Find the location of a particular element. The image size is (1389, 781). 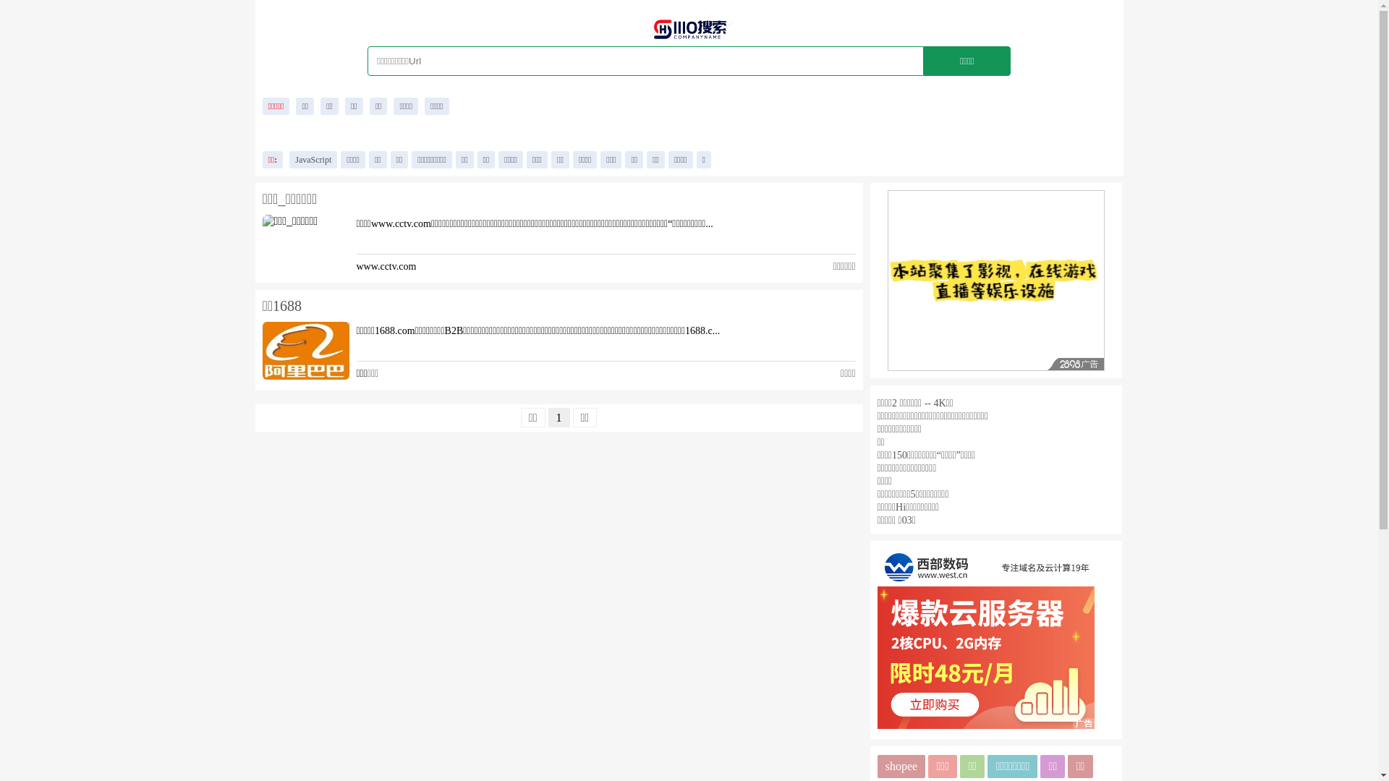

'JavaScript' is located at coordinates (312, 159).